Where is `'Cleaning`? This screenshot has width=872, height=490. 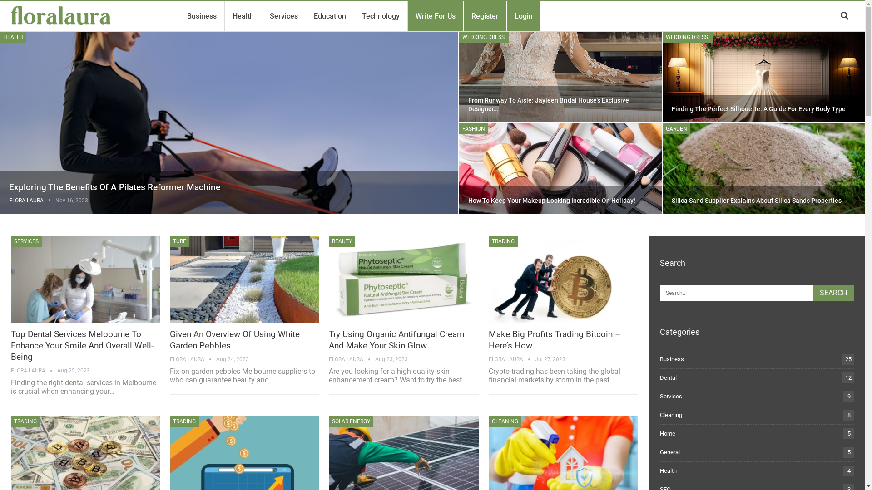 'Cleaning is located at coordinates (671, 415).